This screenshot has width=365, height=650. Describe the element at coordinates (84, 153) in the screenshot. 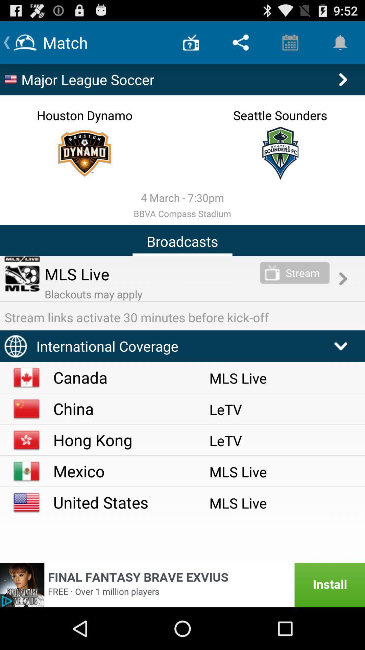

I see `logo of the dynamo team` at that location.